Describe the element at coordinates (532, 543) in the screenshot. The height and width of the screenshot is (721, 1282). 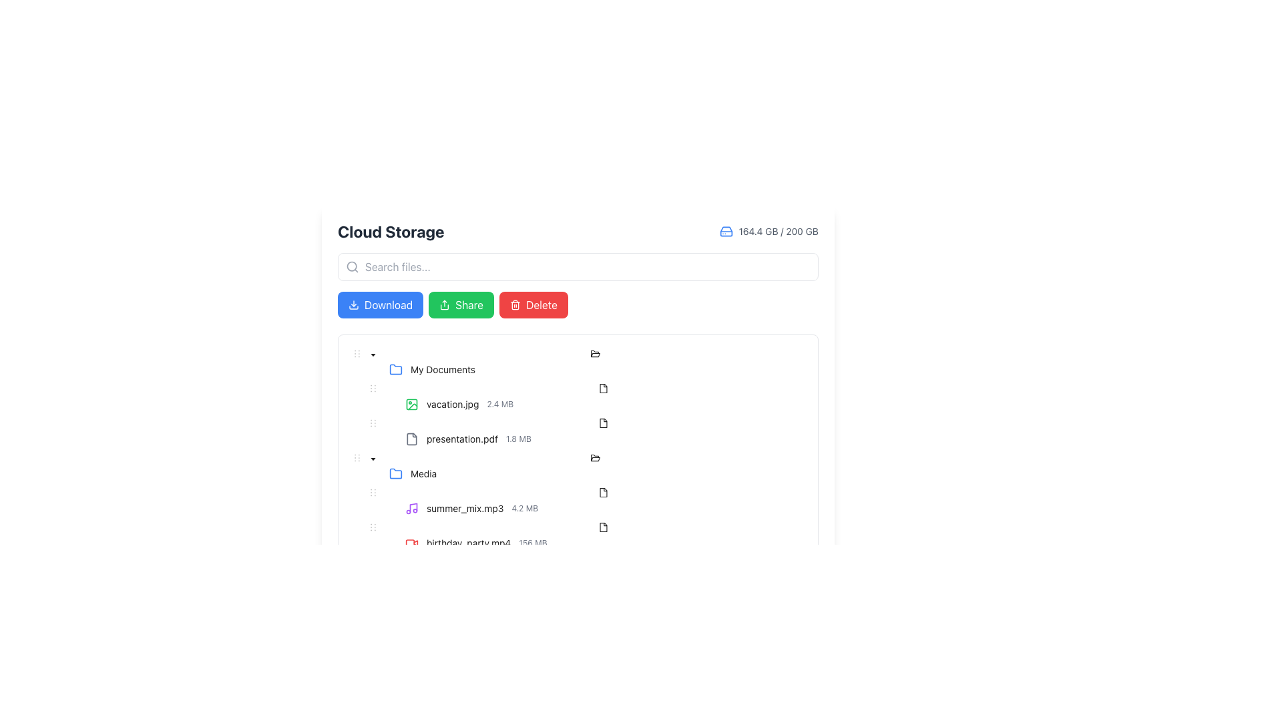
I see `the text label displaying '156 MB', which is styled with gray color and positioned next to the filename 'birthday_party.mp4' in the file listing` at that location.